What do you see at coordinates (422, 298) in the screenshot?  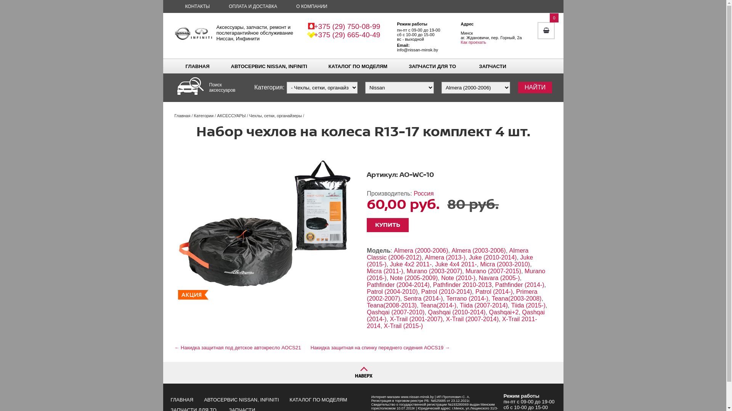 I see `'Sentra (2014-)'` at bounding box center [422, 298].